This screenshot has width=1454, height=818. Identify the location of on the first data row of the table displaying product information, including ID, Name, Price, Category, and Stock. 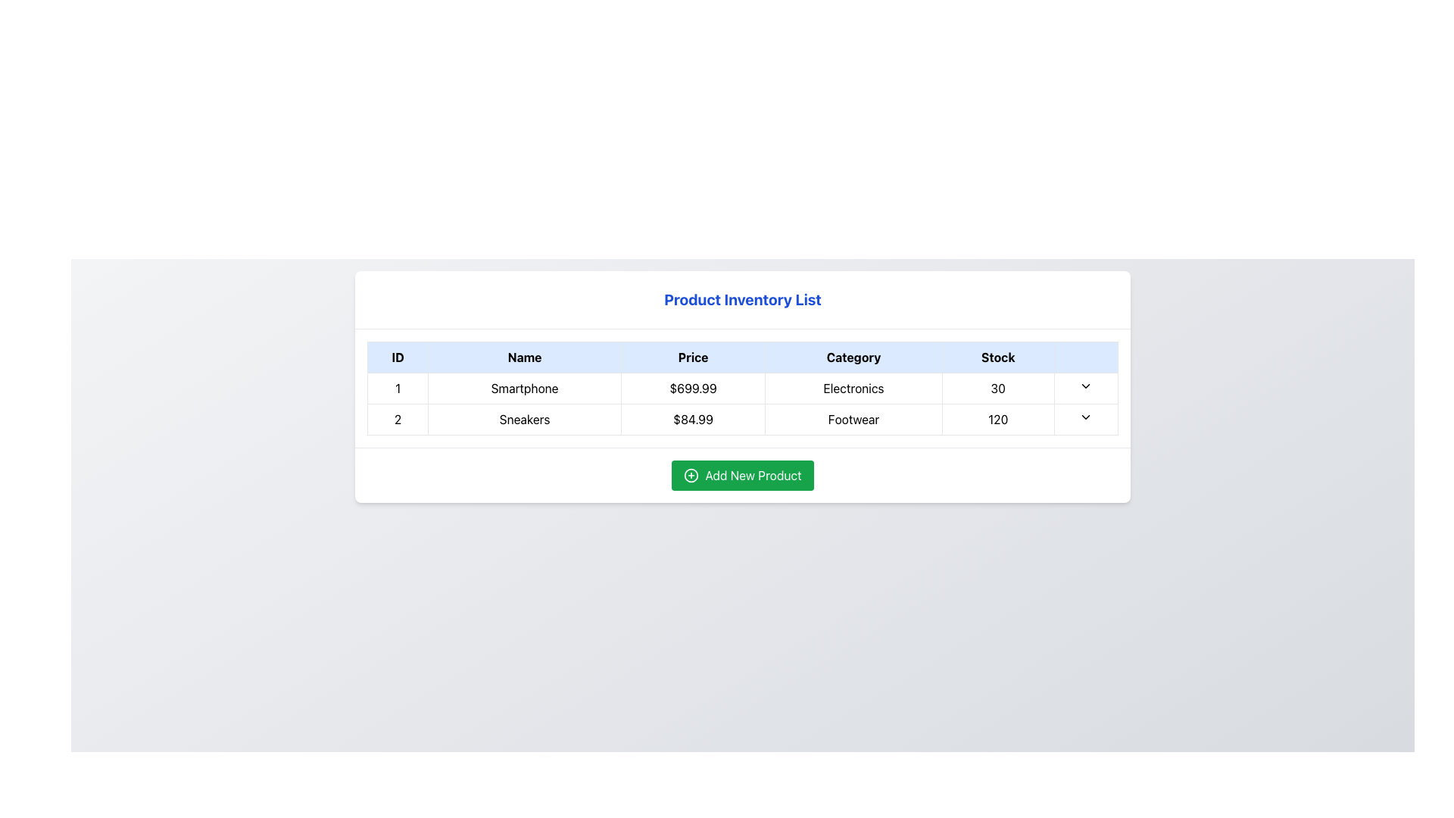
(742, 402).